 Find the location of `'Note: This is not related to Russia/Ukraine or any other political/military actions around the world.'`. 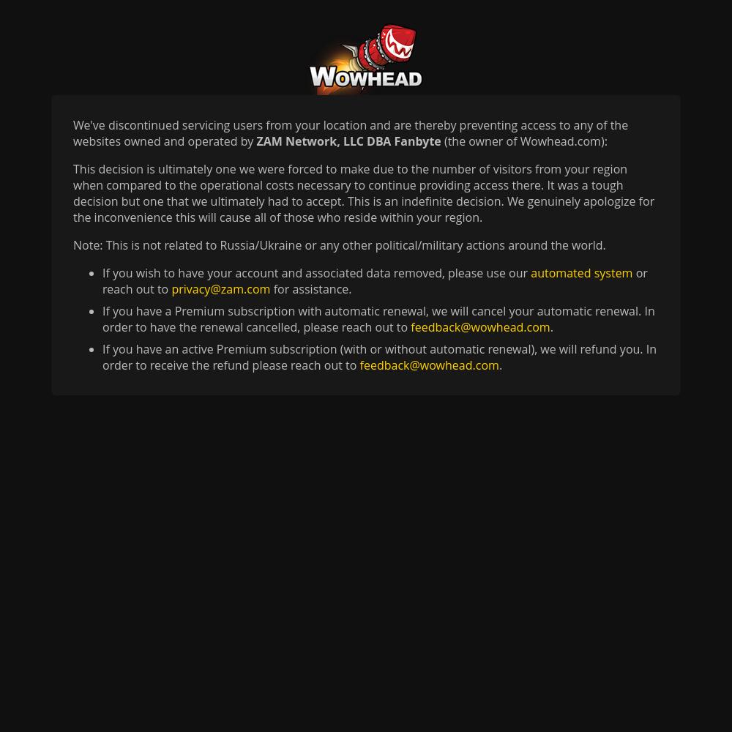

'Note: This is not related to Russia/Ukraine or any other political/military actions around the world.' is located at coordinates (338, 244).